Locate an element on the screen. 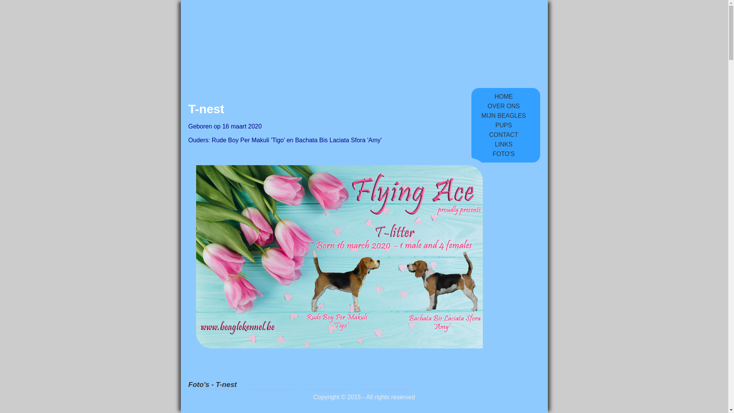 The image size is (734, 413). 'LINKS' is located at coordinates (503, 144).